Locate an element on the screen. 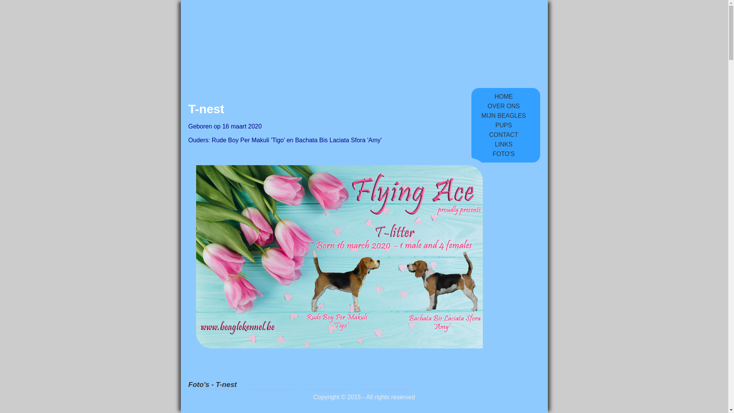 The image size is (734, 413). 'LINKS' is located at coordinates (503, 144).